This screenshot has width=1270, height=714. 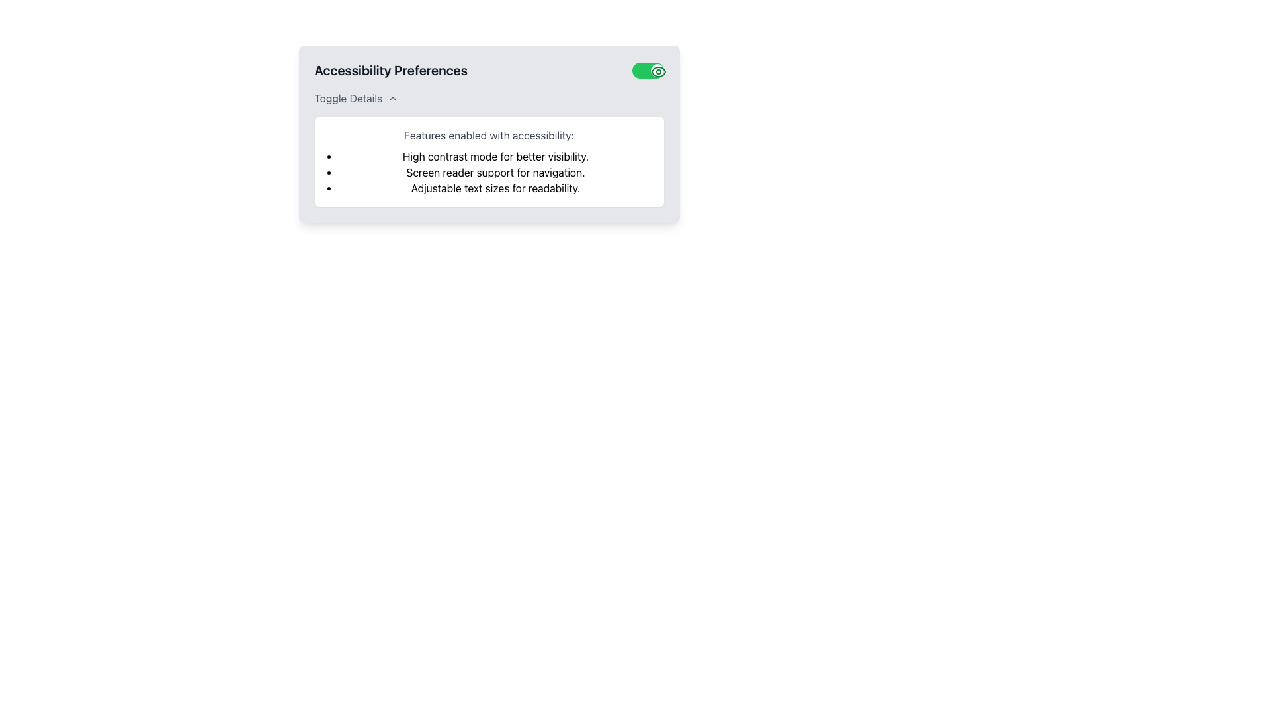 I want to click on the small circular toggle switch knob located at the right side of the green toggle switch within the 'Accessibility Preferences' section, so click(x=657, y=71).